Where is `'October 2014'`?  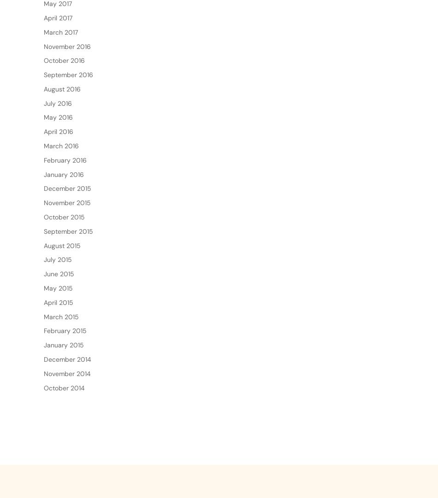
'October 2014' is located at coordinates (44, 417).